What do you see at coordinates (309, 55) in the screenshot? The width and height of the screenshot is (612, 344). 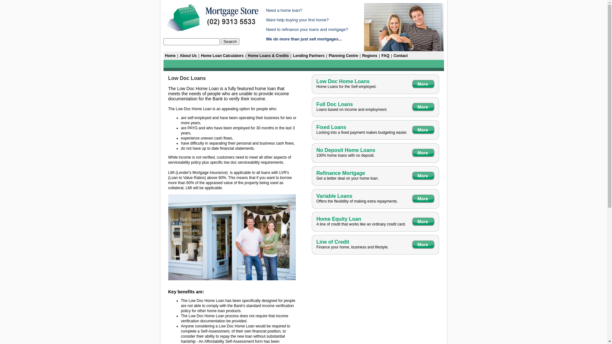 I see `'Lending Partners'` at bounding box center [309, 55].